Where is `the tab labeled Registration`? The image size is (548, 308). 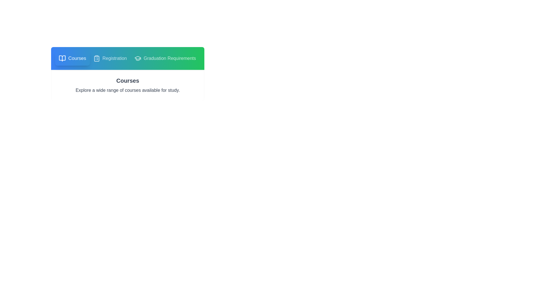
the tab labeled Registration is located at coordinates (110, 58).